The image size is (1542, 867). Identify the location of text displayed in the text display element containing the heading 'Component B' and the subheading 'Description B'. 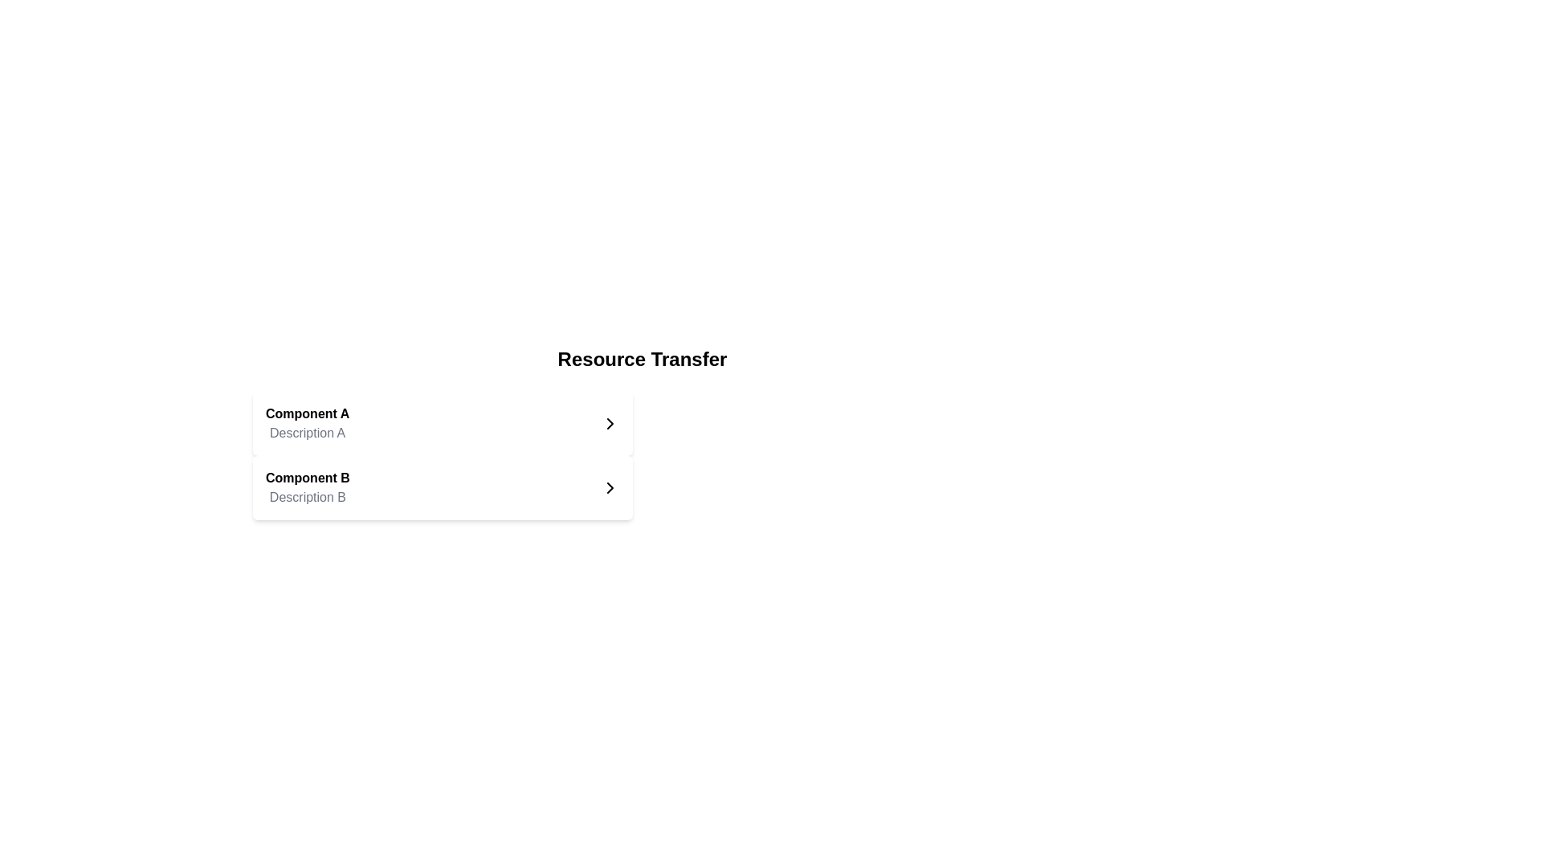
(308, 487).